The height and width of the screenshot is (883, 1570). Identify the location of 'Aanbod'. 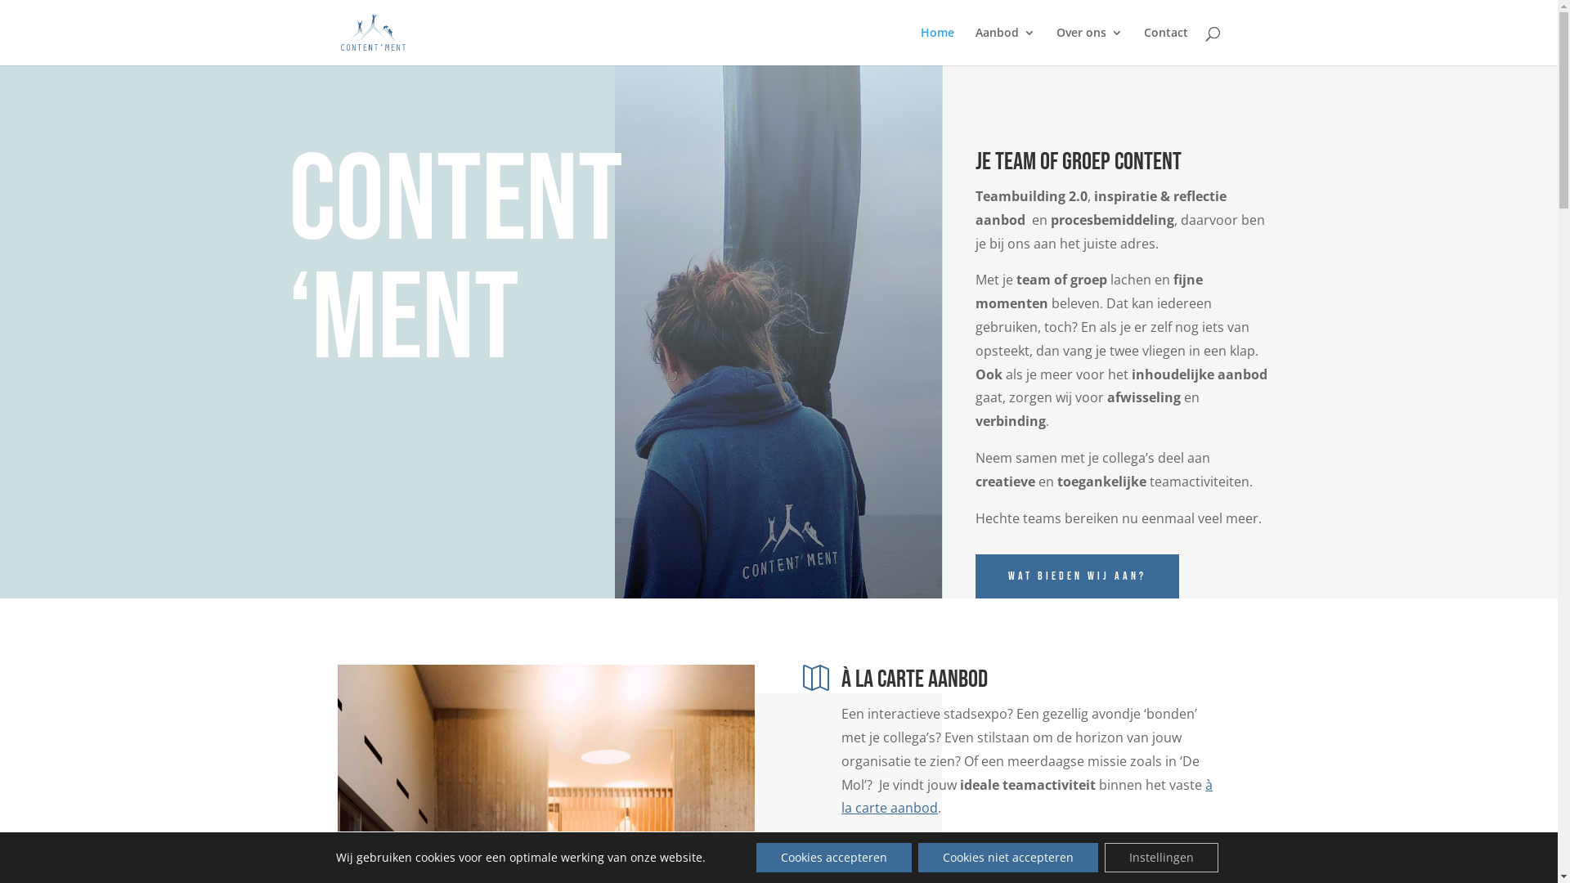
(1003, 45).